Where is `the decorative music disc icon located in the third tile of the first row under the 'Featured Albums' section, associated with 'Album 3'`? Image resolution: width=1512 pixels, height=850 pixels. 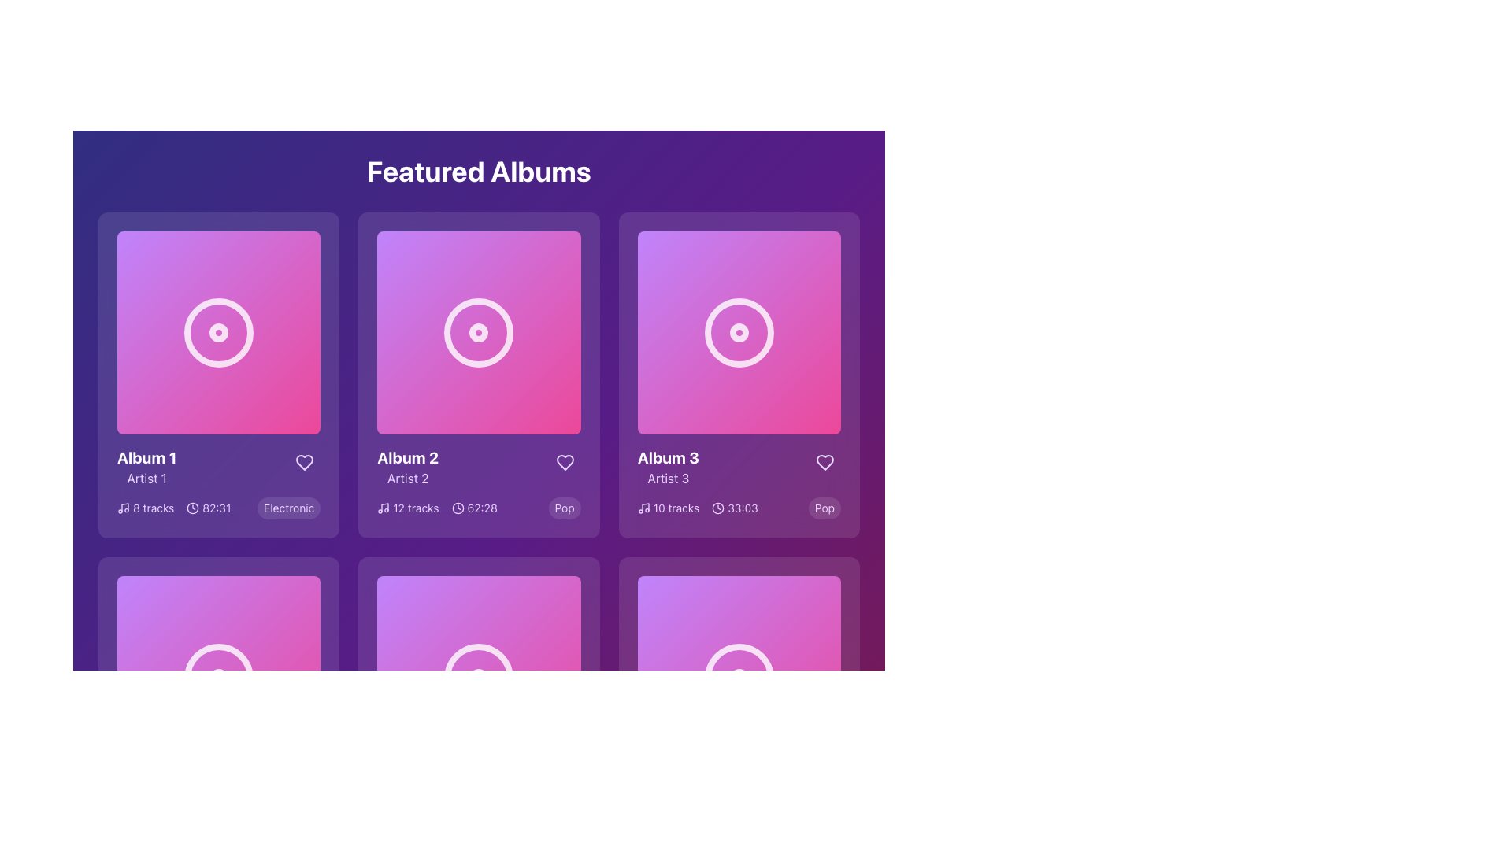 the decorative music disc icon located in the third tile of the first row under the 'Featured Albums' section, associated with 'Album 3' is located at coordinates (738, 332).